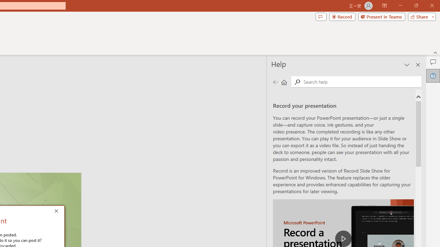  What do you see at coordinates (400, 5) in the screenshot?
I see `'Minimize'` at bounding box center [400, 5].